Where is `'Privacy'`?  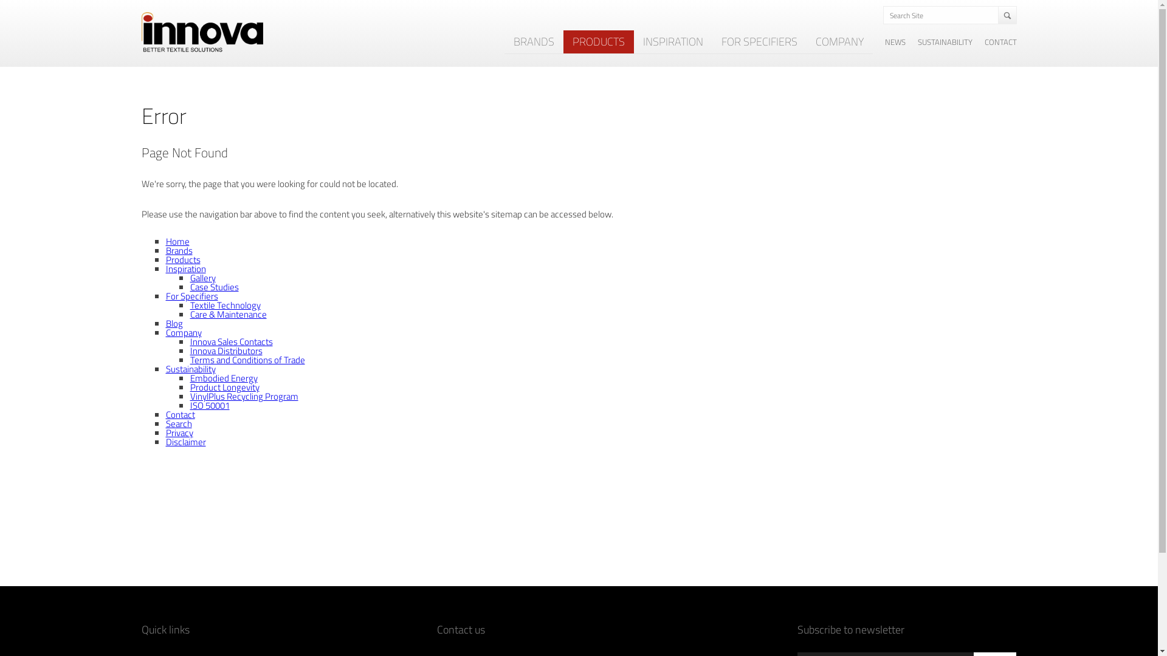 'Privacy' is located at coordinates (178, 432).